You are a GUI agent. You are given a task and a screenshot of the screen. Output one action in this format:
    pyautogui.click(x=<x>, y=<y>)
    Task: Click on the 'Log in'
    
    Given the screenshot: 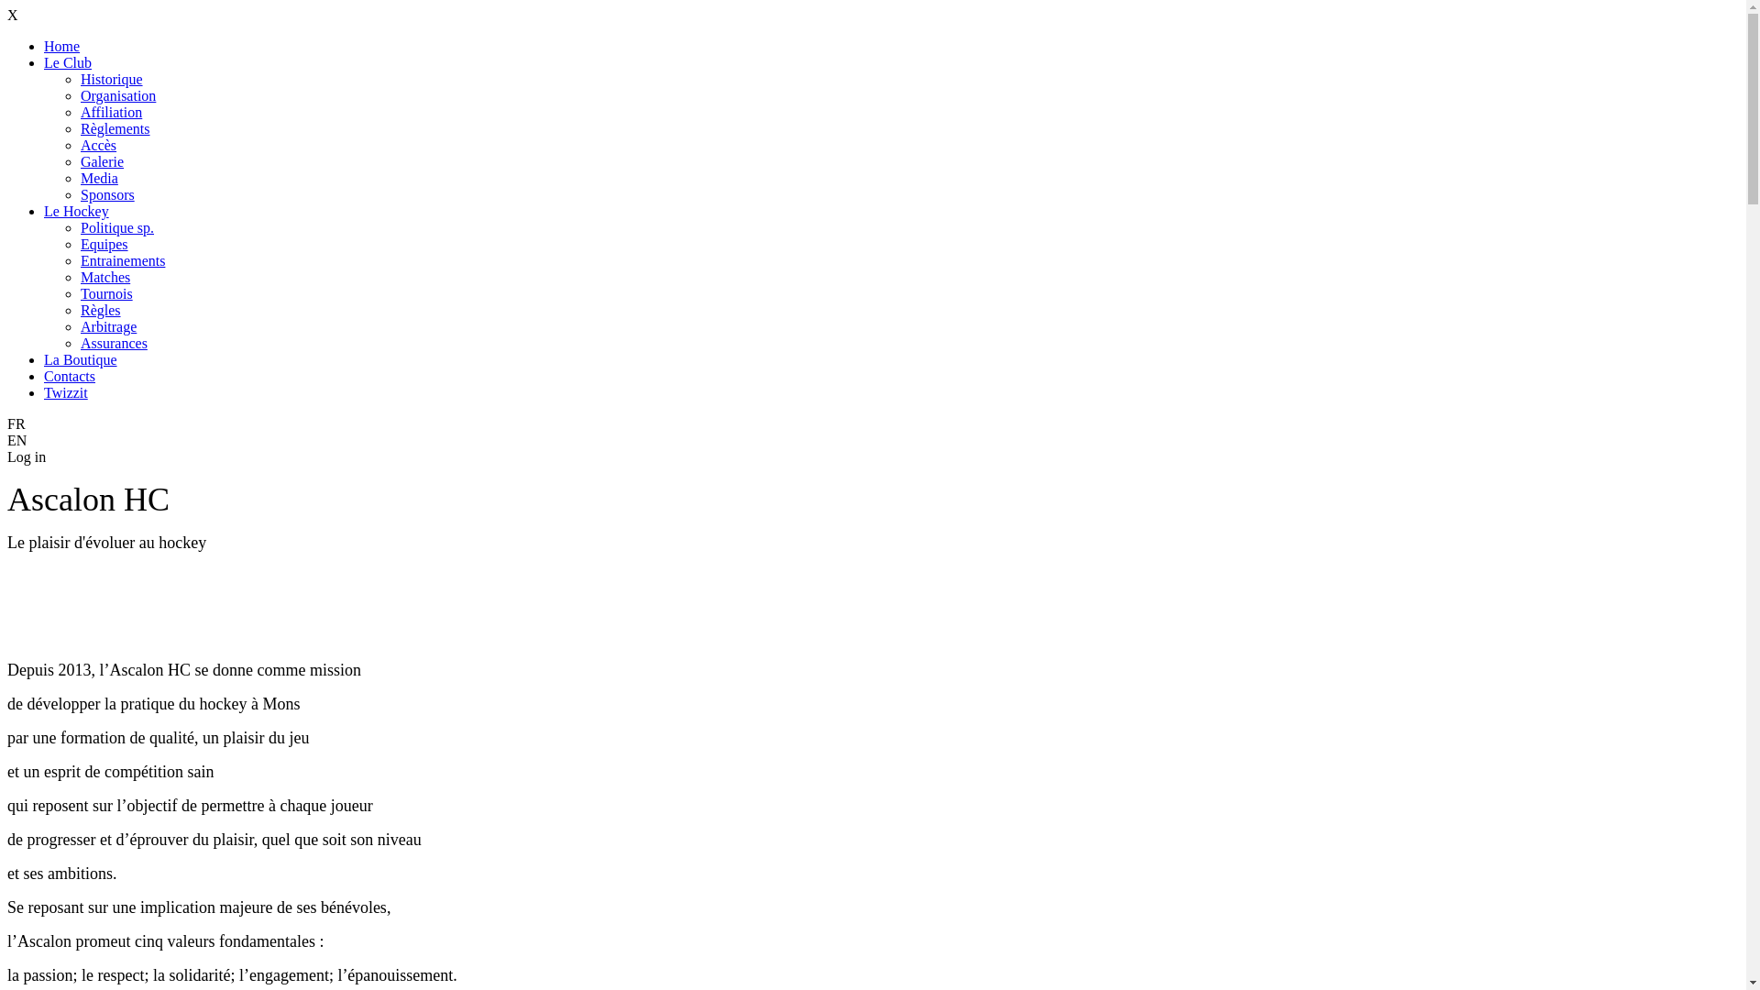 What is the action you would take?
    pyautogui.click(x=26, y=456)
    